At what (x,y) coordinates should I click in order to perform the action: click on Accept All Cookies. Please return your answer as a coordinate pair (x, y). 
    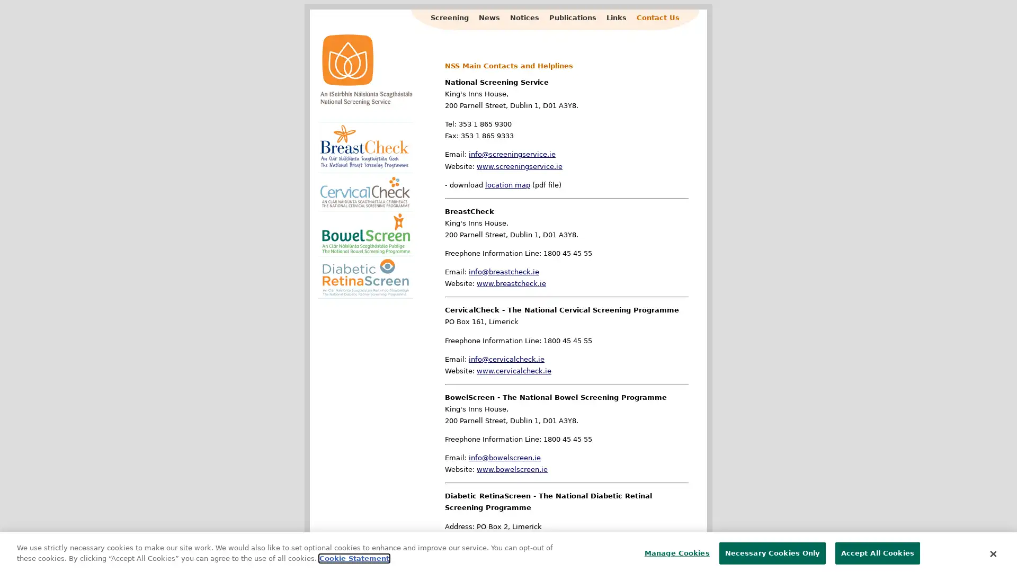
    Looking at the image, I should click on (877, 549).